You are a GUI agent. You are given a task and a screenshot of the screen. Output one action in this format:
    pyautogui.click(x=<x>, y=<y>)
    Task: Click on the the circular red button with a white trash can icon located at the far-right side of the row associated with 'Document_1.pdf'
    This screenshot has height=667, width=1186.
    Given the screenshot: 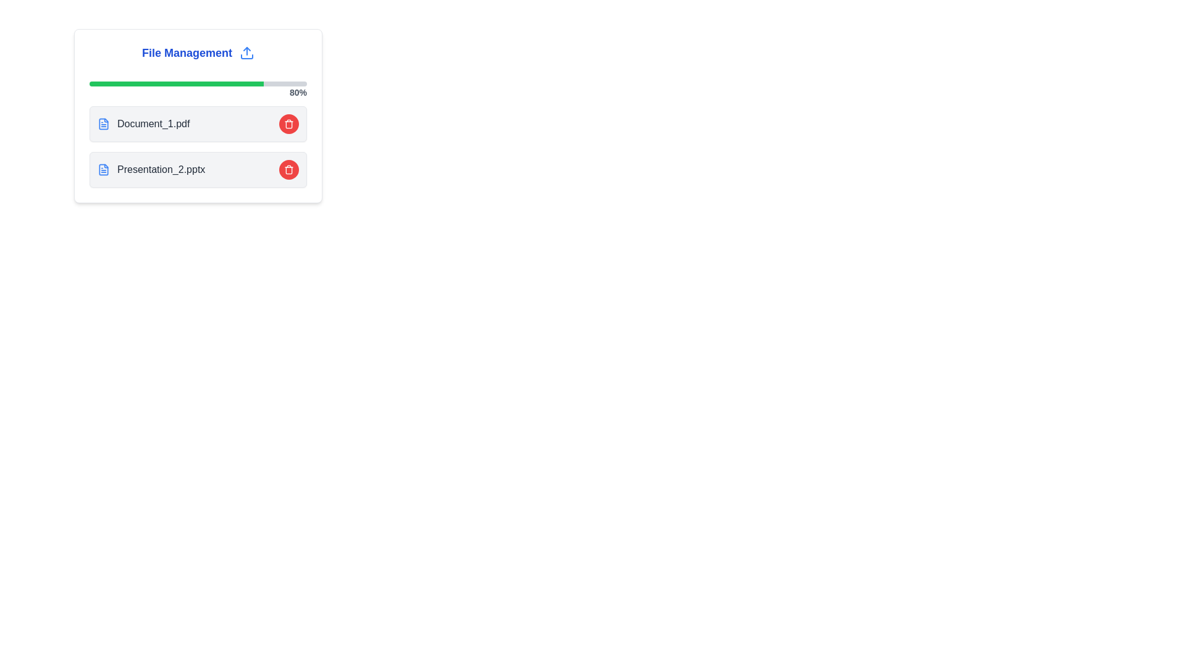 What is the action you would take?
    pyautogui.click(x=288, y=124)
    